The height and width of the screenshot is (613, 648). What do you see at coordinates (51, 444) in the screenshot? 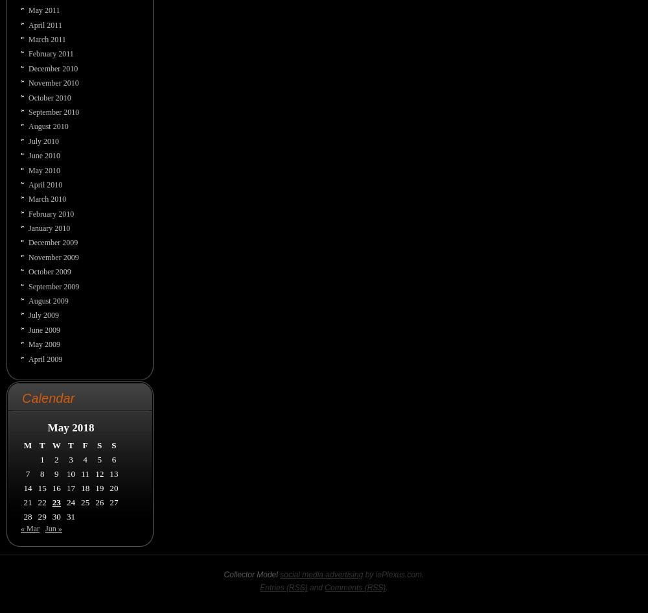
I see `'W'` at bounding box center [51, 444].